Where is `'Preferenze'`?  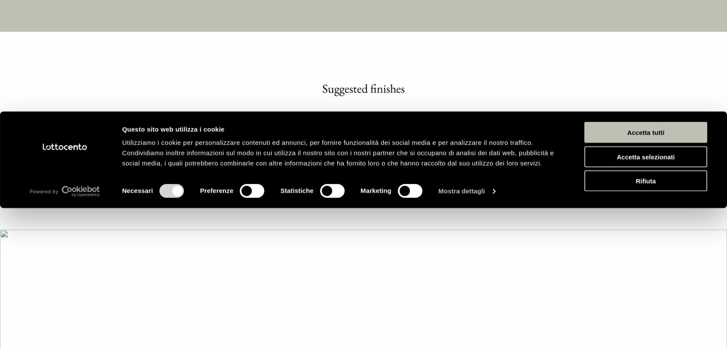 'Preferenze' is located at coordinates (199, 145).